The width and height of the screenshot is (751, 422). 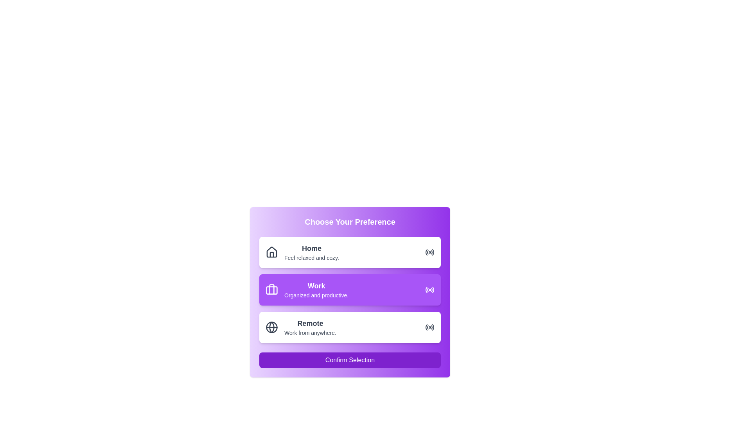 I want to click on the black house-shaped icon located at the left side of the 'Home' selection box, which is styled with thin black lines and is the first element aligned horizontally before the text 'Home', so click(x=272, y=252).